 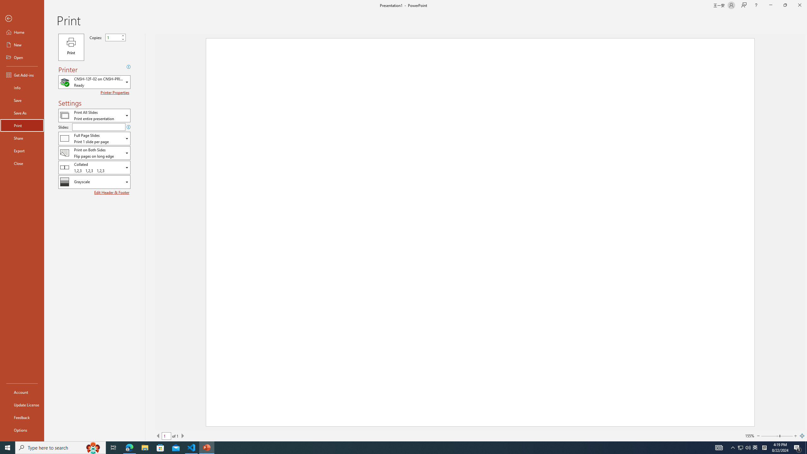 I want to click on 'Save As', so click(x=22, y=112).